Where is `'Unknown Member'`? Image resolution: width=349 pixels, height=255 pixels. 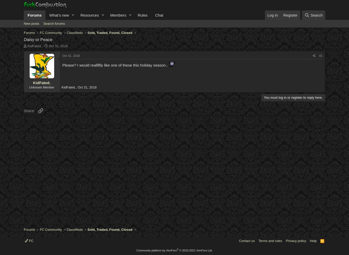
'Unknown Member' is located at coordinates (41, 87).